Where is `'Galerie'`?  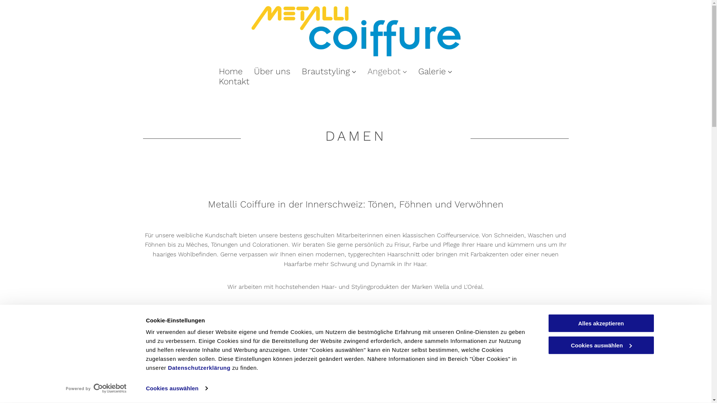 'Galerie' is located at coordinates (435, 71).